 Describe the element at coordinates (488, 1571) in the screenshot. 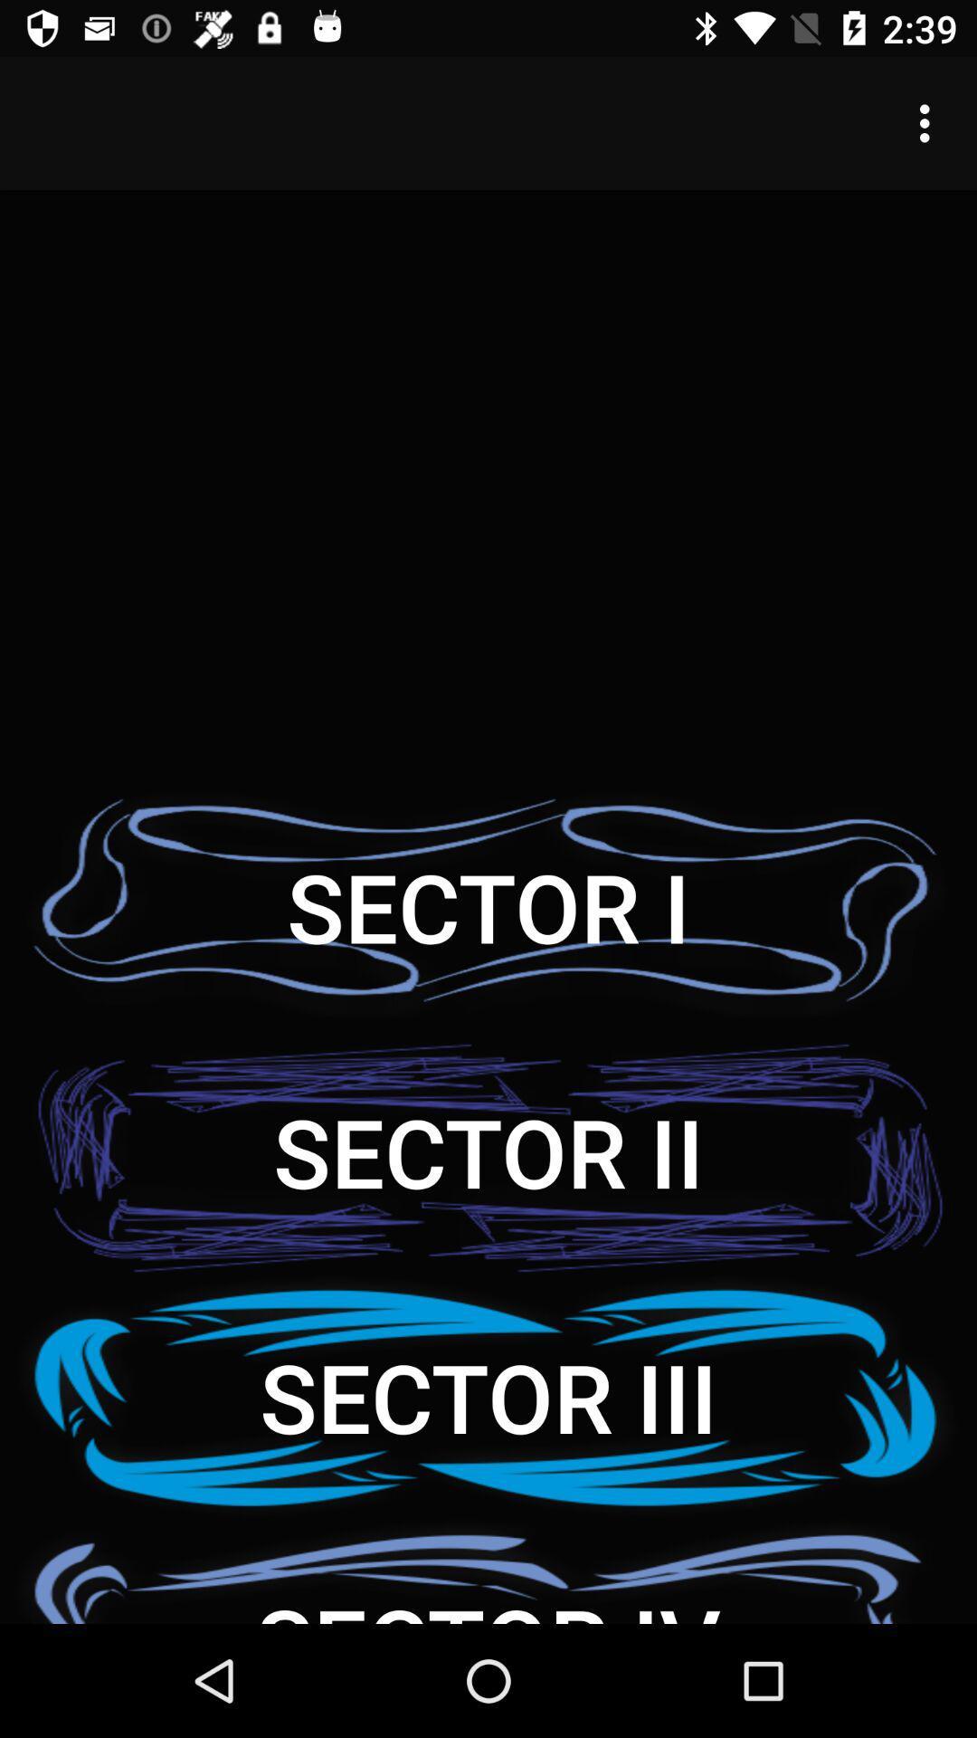

I see `the sector iv` at that location.